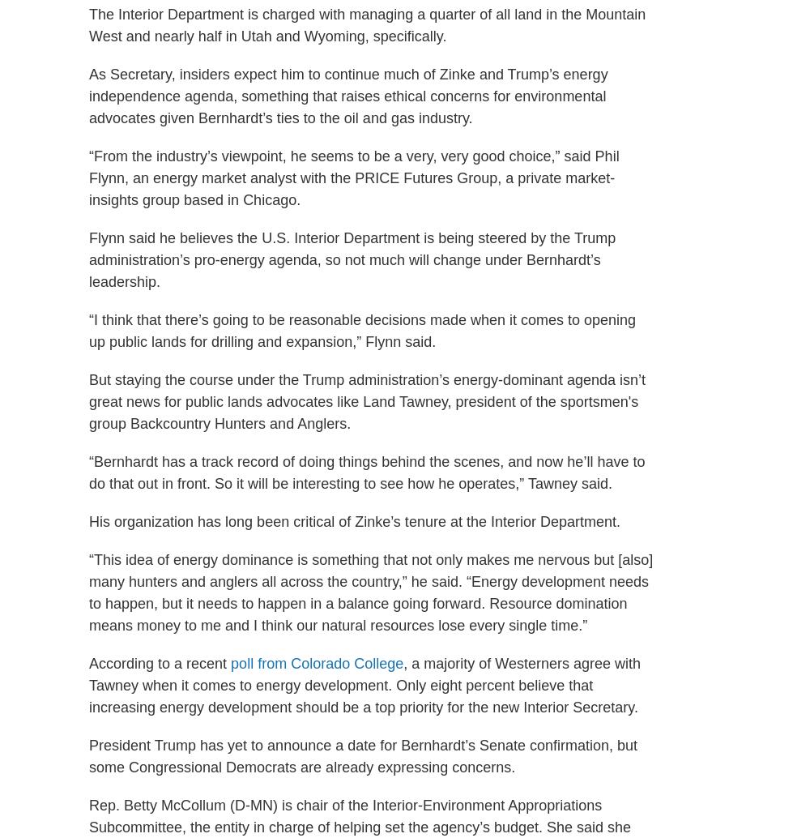  Describe the element at coordinates (352, 259) in the screenshot. I see `'Flynn said he believes the U.S. Interior Department is being steered by the Trump administration’s pro-energy agenda, so not much will change under Bernhardt’s leadership.'` at that location.